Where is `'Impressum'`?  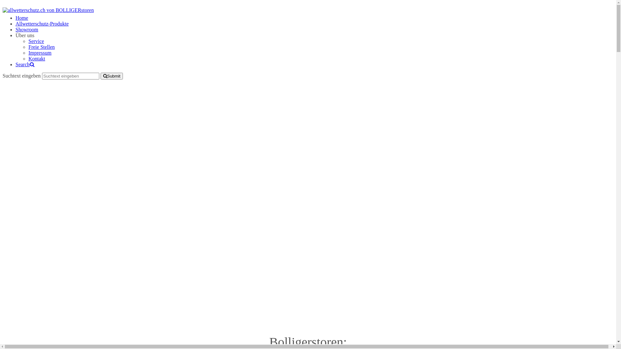
'Impressum' is located at coordinates (39, 52).